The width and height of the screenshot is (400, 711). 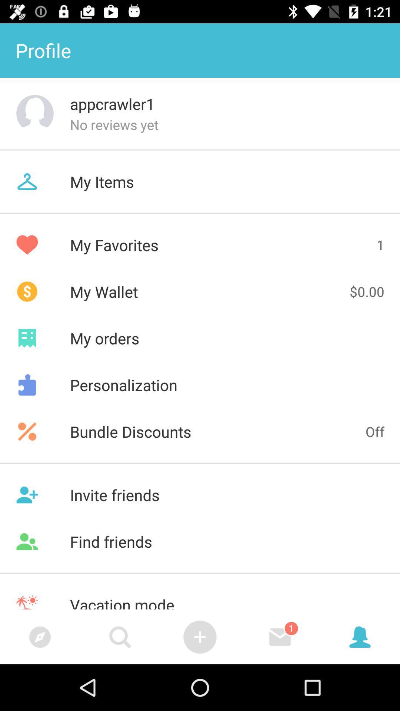 What do you see at coordinates (40, 637) in the screenshot?
I see `compass icon in bottom left corner` at bounding box center [40, 637].